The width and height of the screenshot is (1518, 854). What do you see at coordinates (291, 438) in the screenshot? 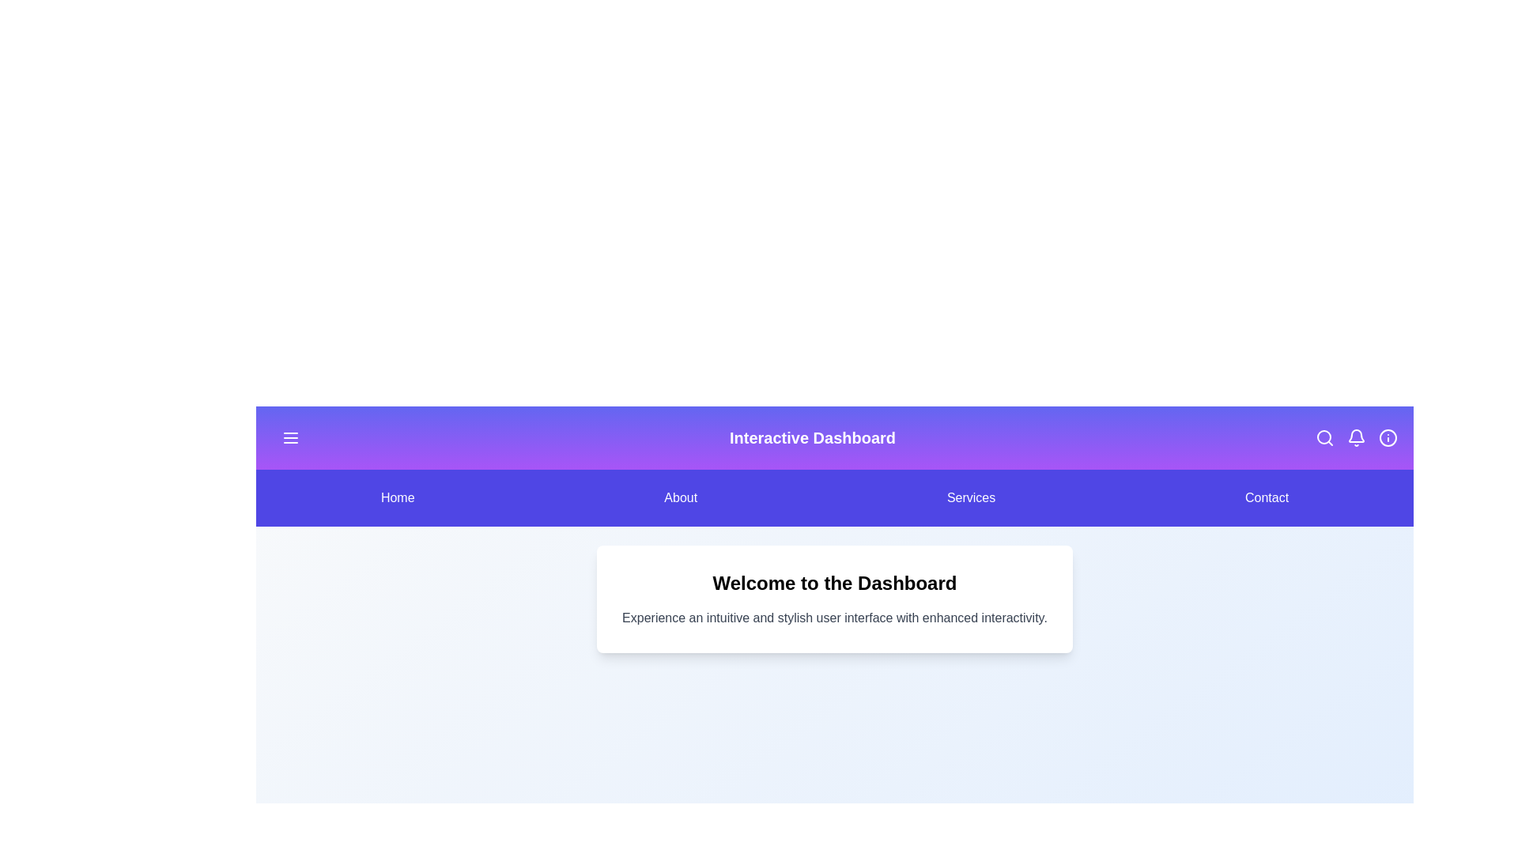
I see `the hamburger icon in the header to toggle the menu` at bounding box center [291, 438].